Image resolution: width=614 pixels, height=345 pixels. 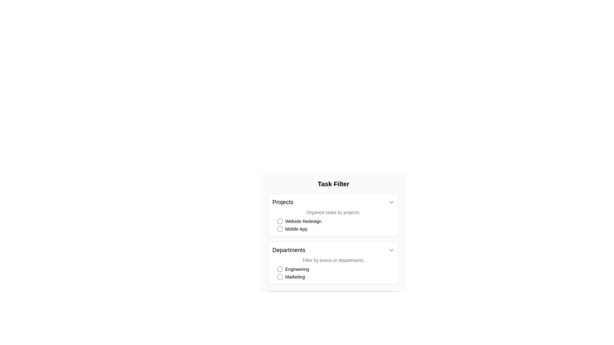 I want to click on the 'Website Redesign' checkbox in the 'Projects' section of the 'Task Filter' interface, so click(x=336, y=221).